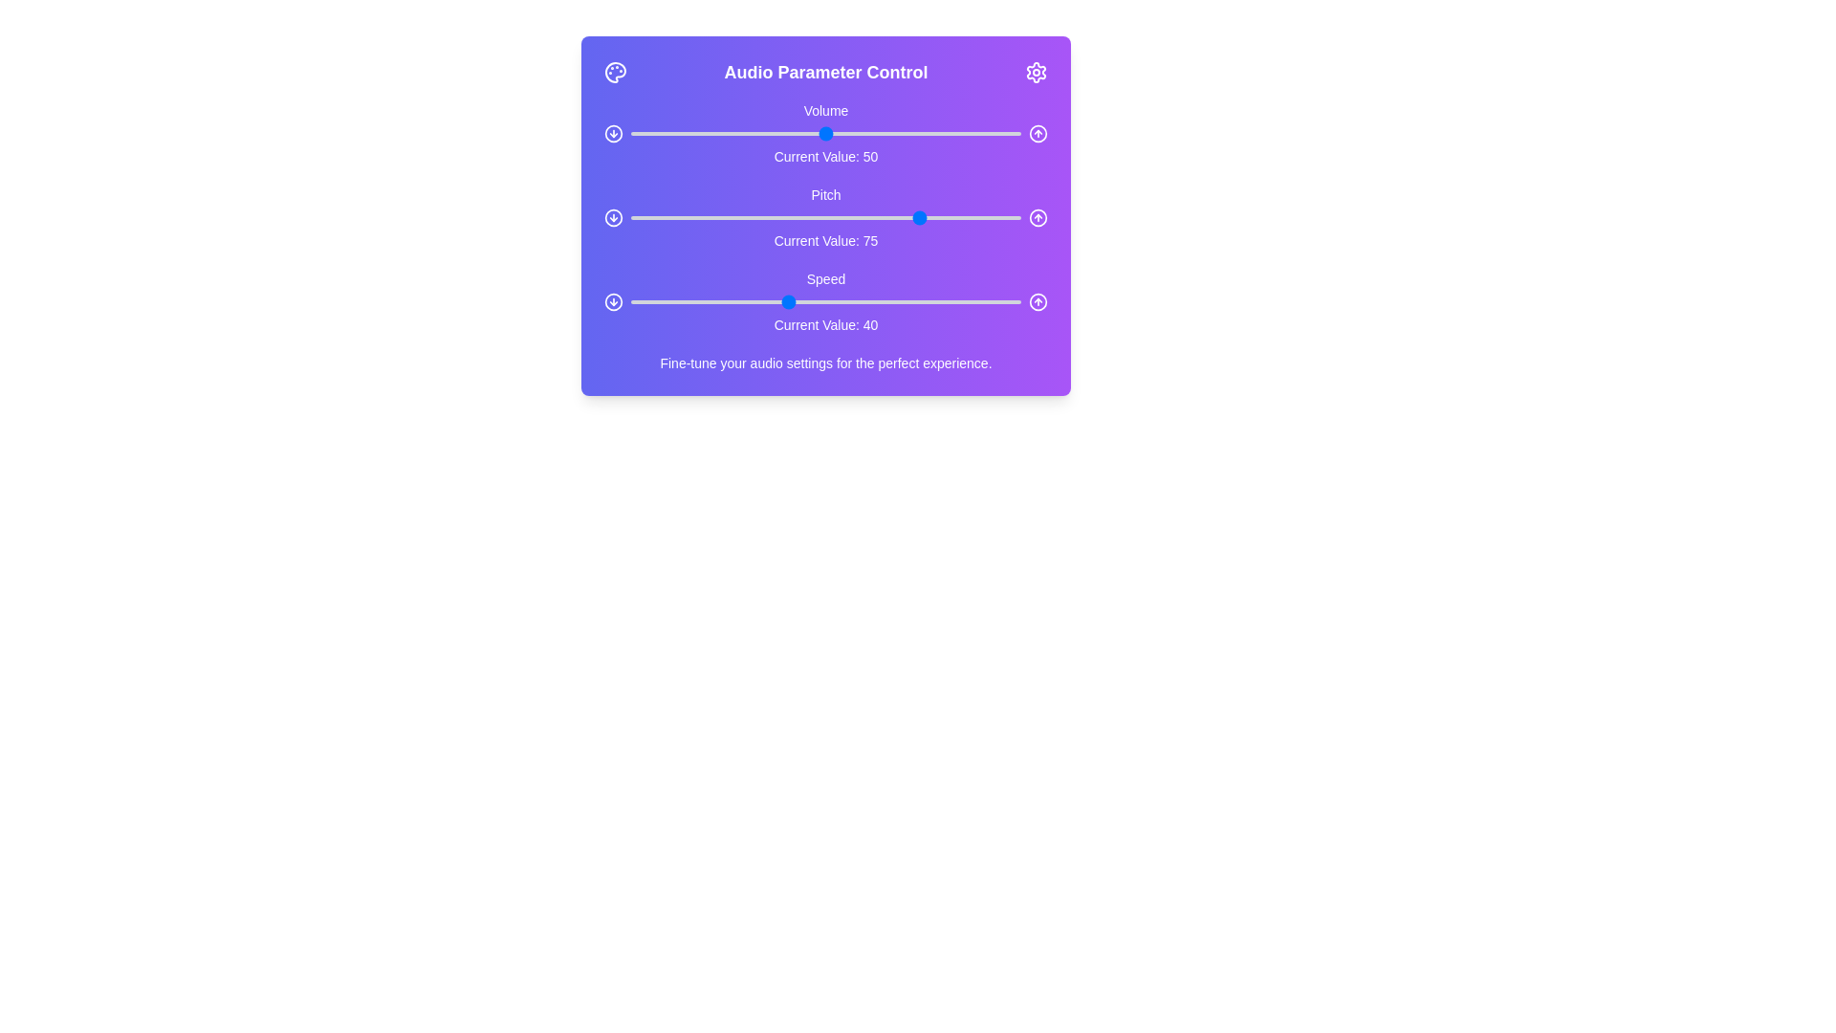 Image resolution: width=1836 pixels, height=1033 pixels. Describe the element at coordinates (615, 72) in the screenshot. I see `the palette icon in the header` at that location.